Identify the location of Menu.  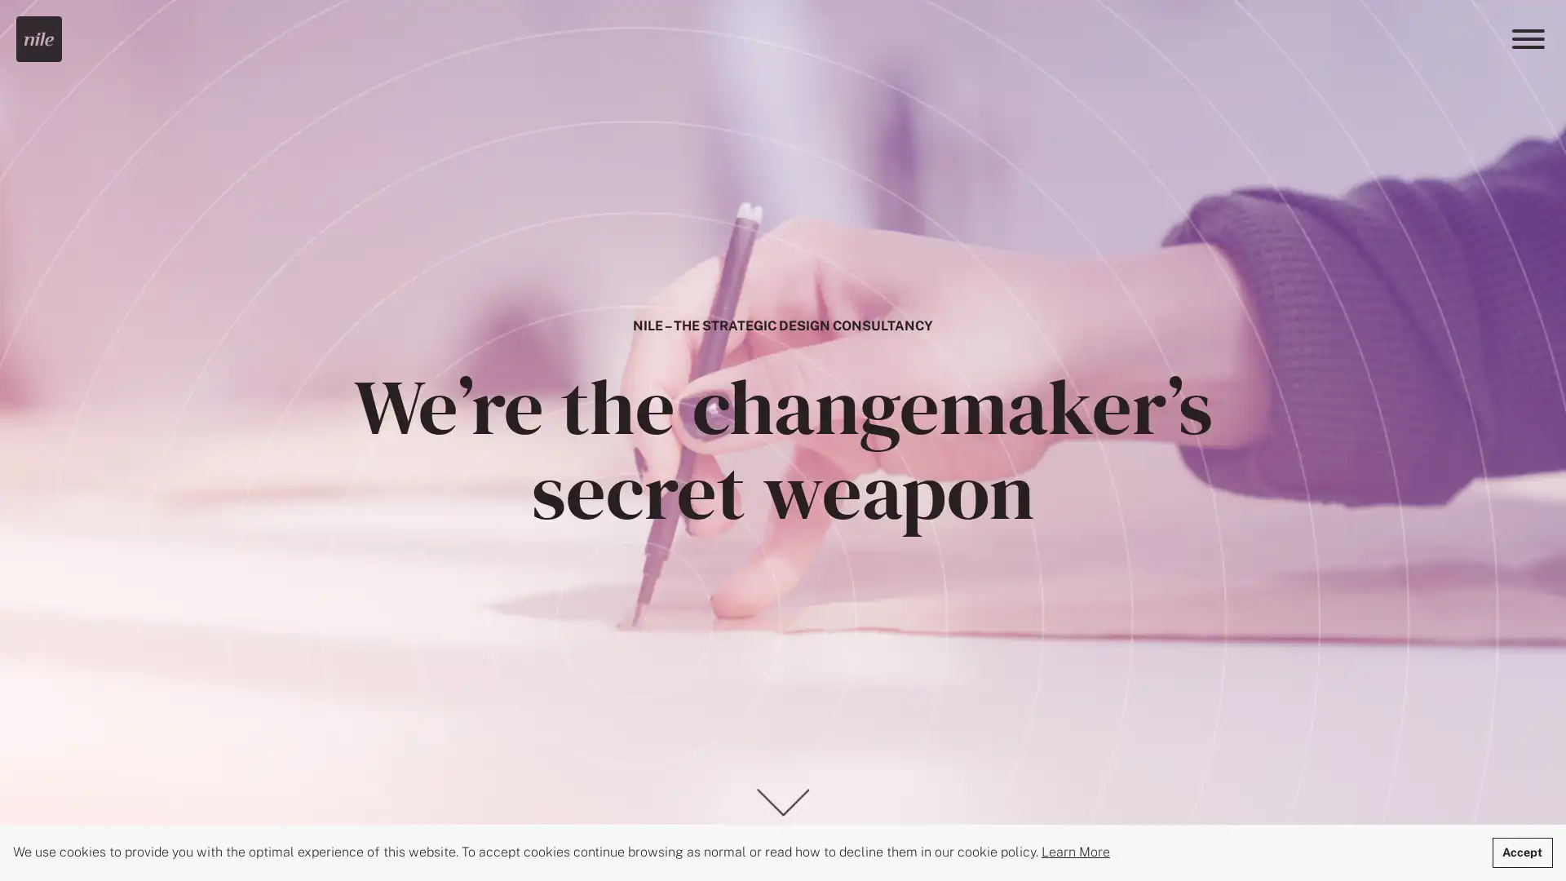
(1527, 38).